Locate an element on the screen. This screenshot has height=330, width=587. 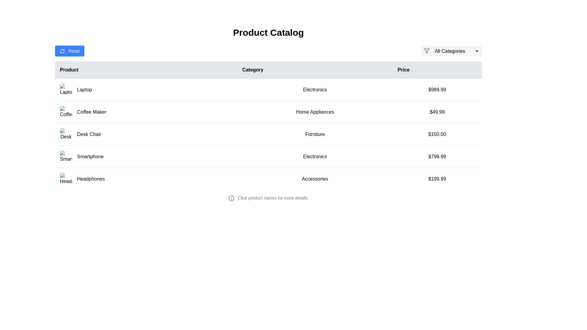
the circular product representation image for 'Headphones' located in the 'Product Catalog' section is located at coordinates (66, 179).